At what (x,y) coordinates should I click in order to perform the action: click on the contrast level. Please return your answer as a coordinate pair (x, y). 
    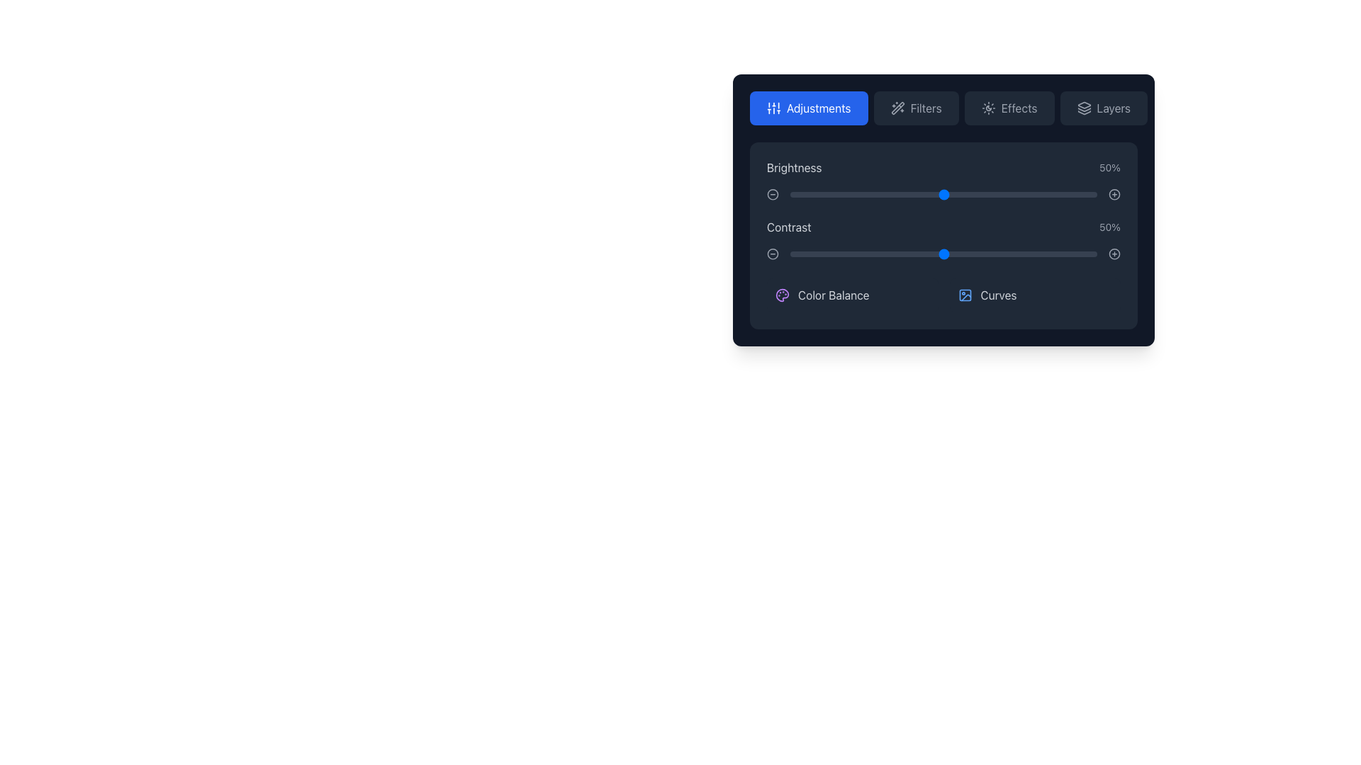
    Looking at the image, I should click on (922, 253).